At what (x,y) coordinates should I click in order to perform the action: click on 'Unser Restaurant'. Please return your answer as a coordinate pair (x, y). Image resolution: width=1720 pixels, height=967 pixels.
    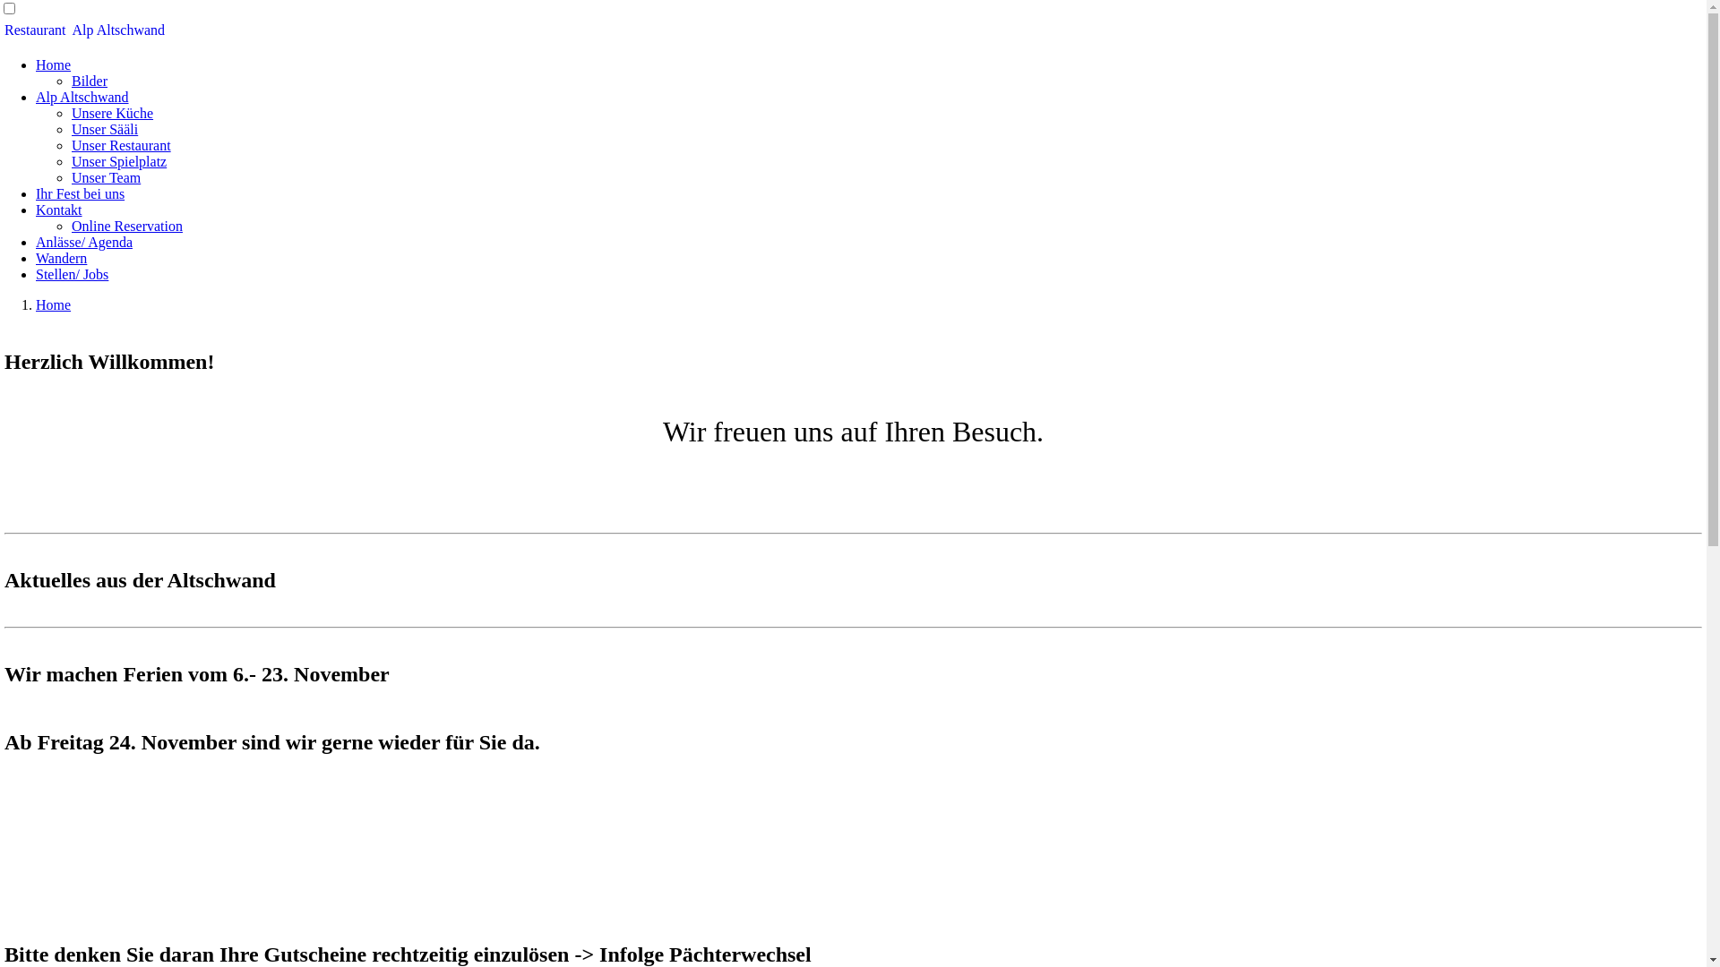
    Looking at the image, I should click on (120, 144).